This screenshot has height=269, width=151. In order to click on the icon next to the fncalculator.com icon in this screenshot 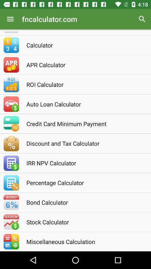, I will do `click(142, 19)`.